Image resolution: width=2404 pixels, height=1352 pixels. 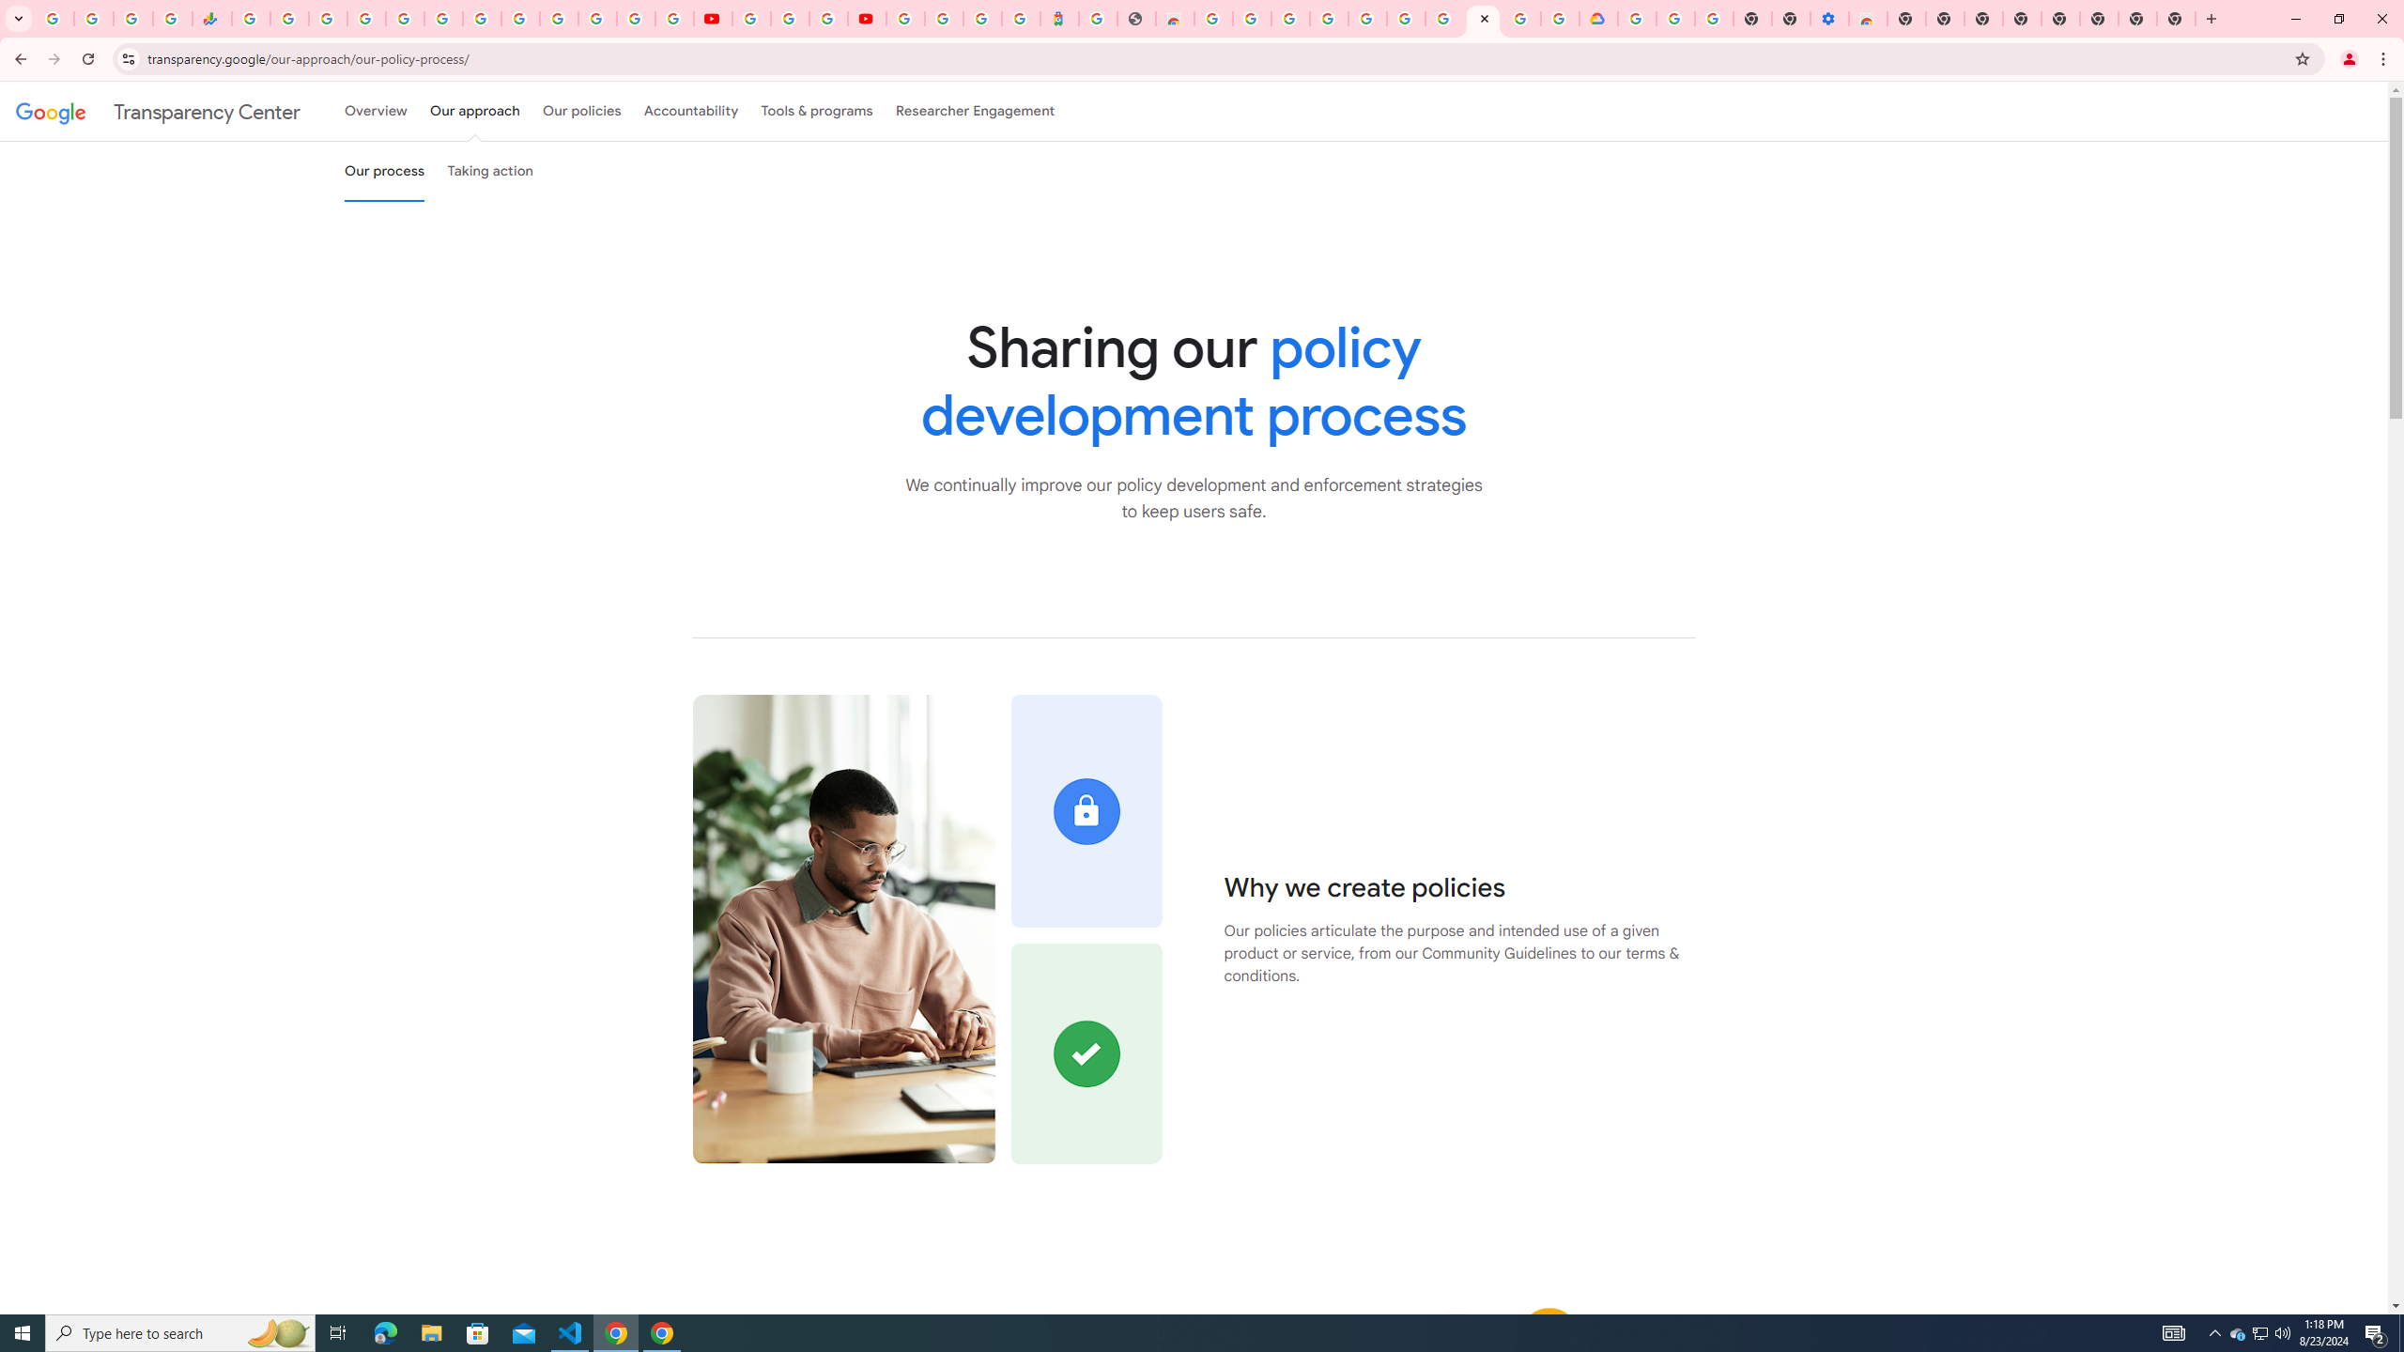 I want to click on 'Taking action', so click(x=489, y=170).